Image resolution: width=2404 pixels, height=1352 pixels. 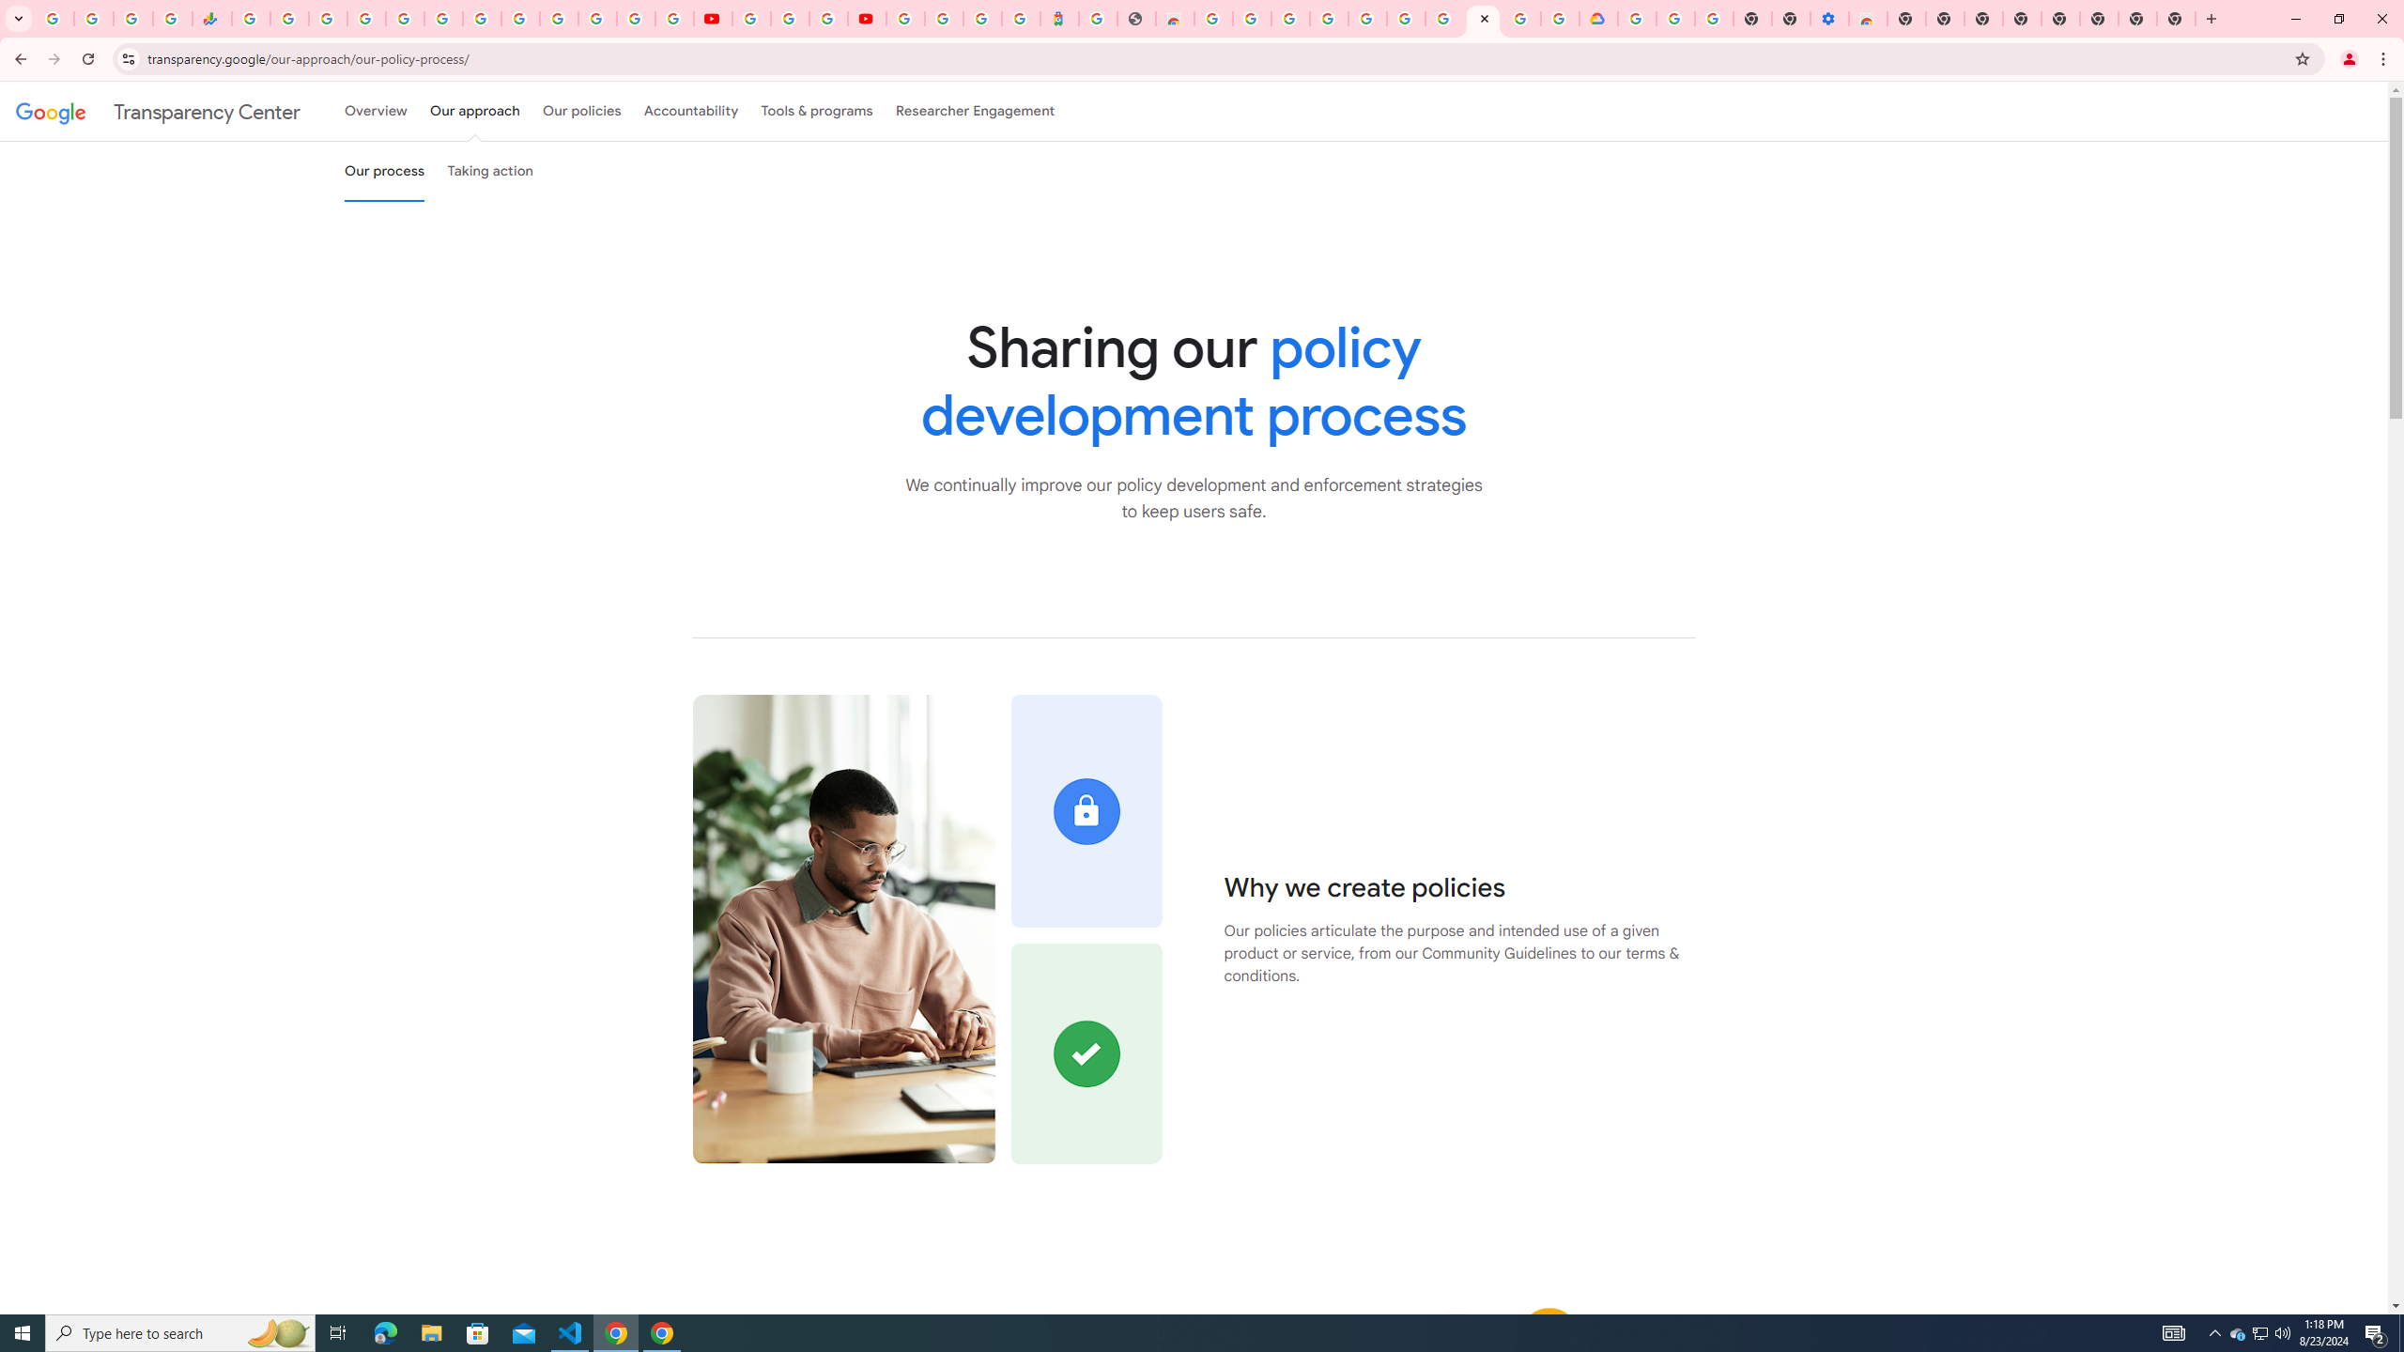 I want to click on 'Taking action', so click(x=489, y=170).